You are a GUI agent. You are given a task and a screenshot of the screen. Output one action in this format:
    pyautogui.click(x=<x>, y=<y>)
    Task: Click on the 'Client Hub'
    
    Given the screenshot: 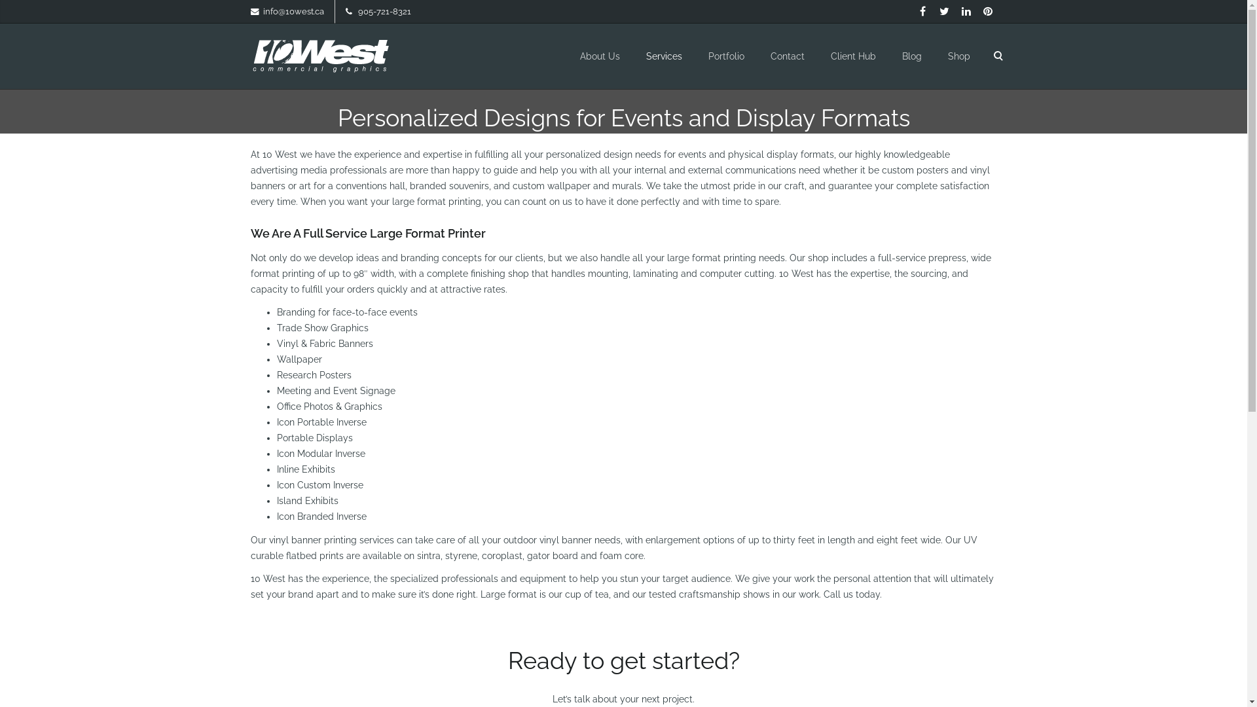 What is the action you would take?
    pyautogui.click(x=852, y=55)
    